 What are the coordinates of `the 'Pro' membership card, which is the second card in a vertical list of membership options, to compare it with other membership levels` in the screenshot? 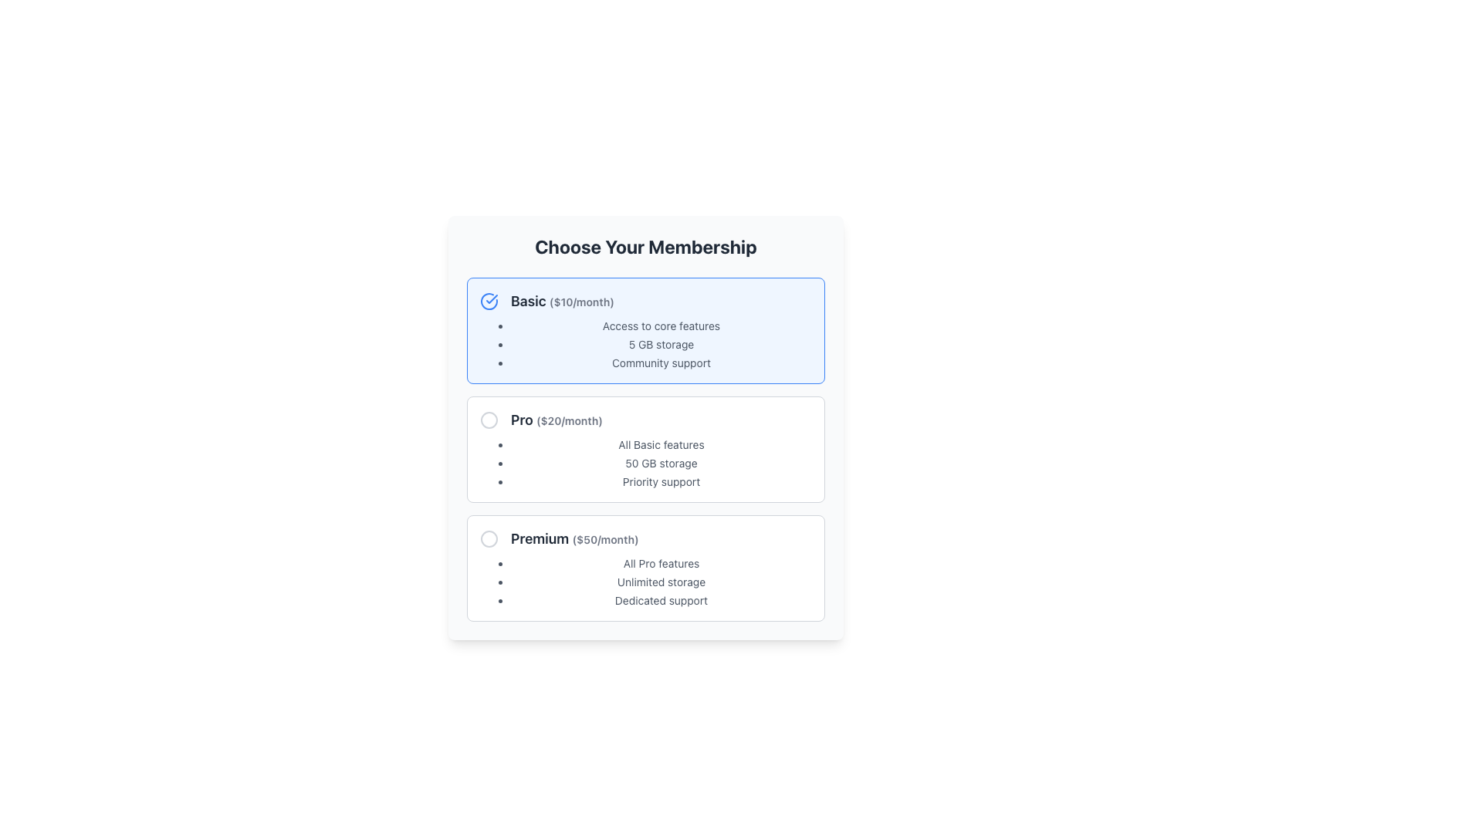 It's located at (645, 449).